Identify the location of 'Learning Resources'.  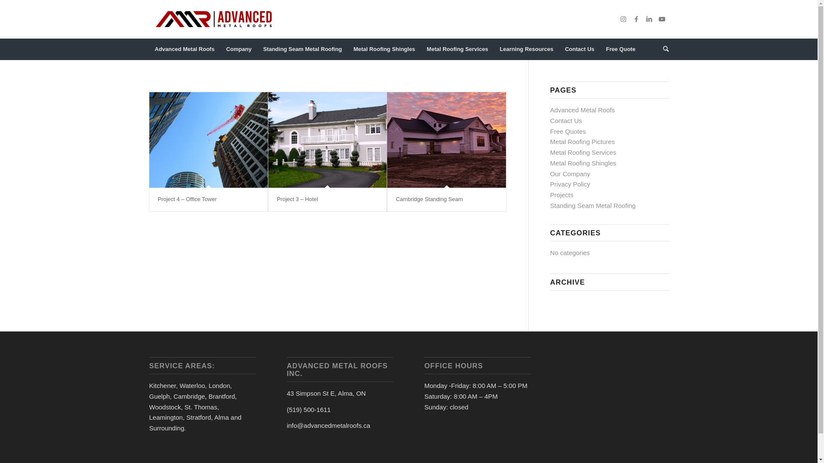
(525, 49).